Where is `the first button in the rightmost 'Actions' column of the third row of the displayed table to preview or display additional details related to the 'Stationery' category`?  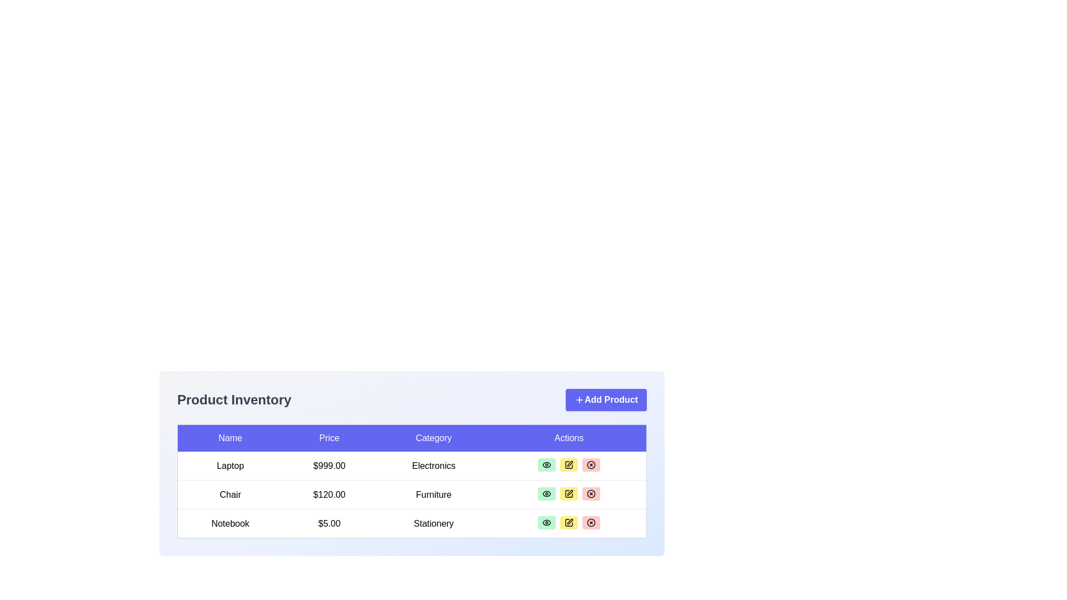 the first button in the rightmost 'Actions' column of the third row of the displayed table to preview or display additional details related to the 'Stationery' category is located at coordinates (546, 523).